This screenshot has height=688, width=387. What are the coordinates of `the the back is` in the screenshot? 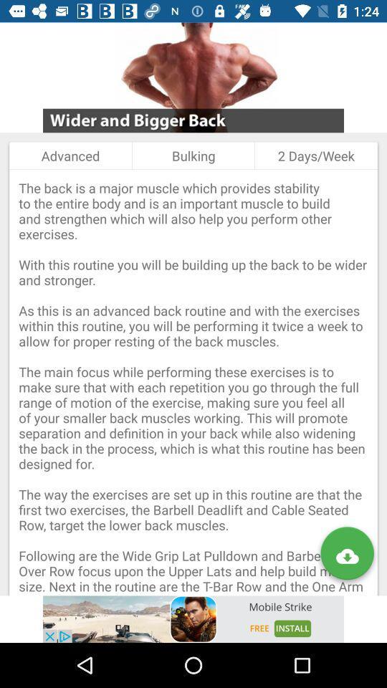 It's located at (193, 382).